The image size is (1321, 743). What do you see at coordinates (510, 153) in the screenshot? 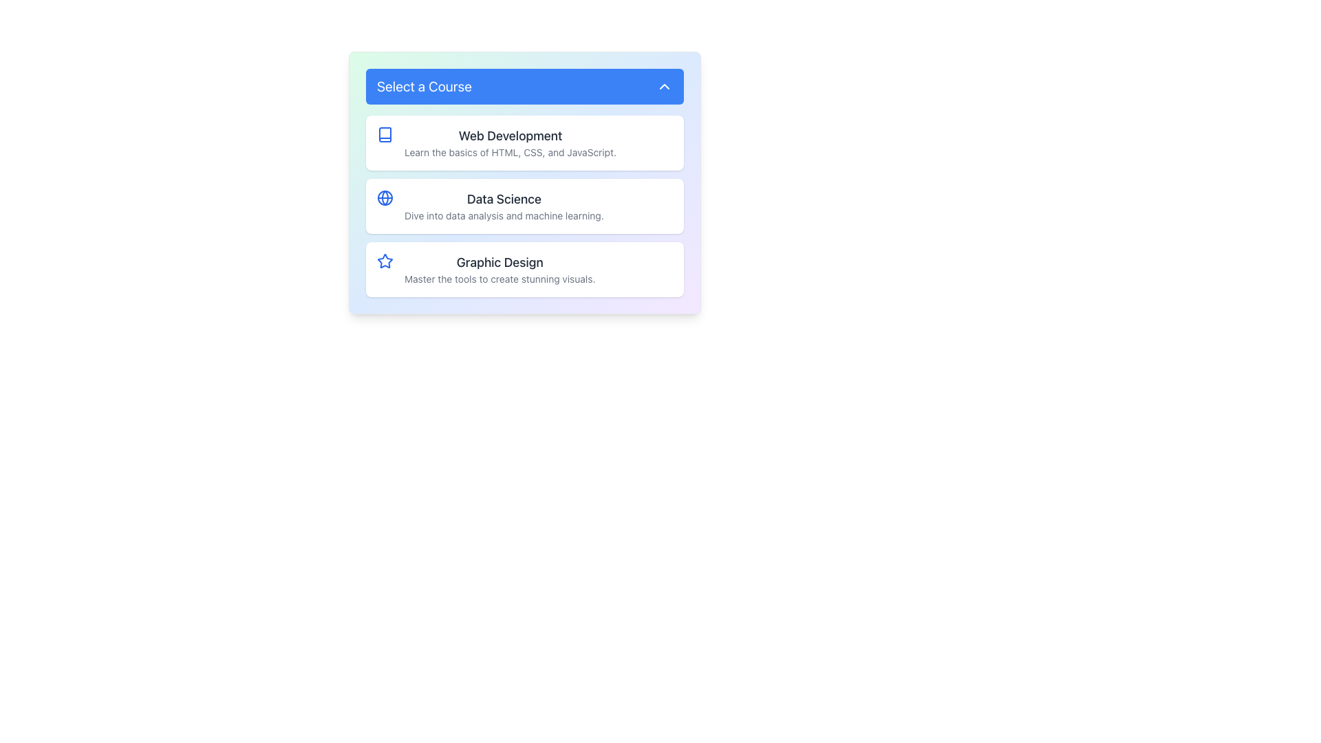
I see `informational text label that describes the 'Web Development' course, located directly below the 'Web Development' header within a card-like structure` at bounding box center [510, 153].